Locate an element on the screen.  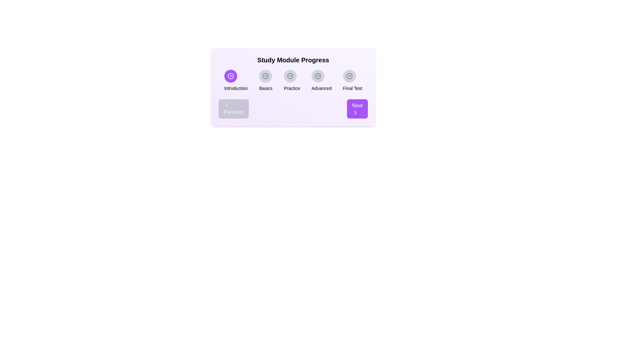
the round button in the Progress Tracker corresponding to the module is located at coordinates (293, 80).